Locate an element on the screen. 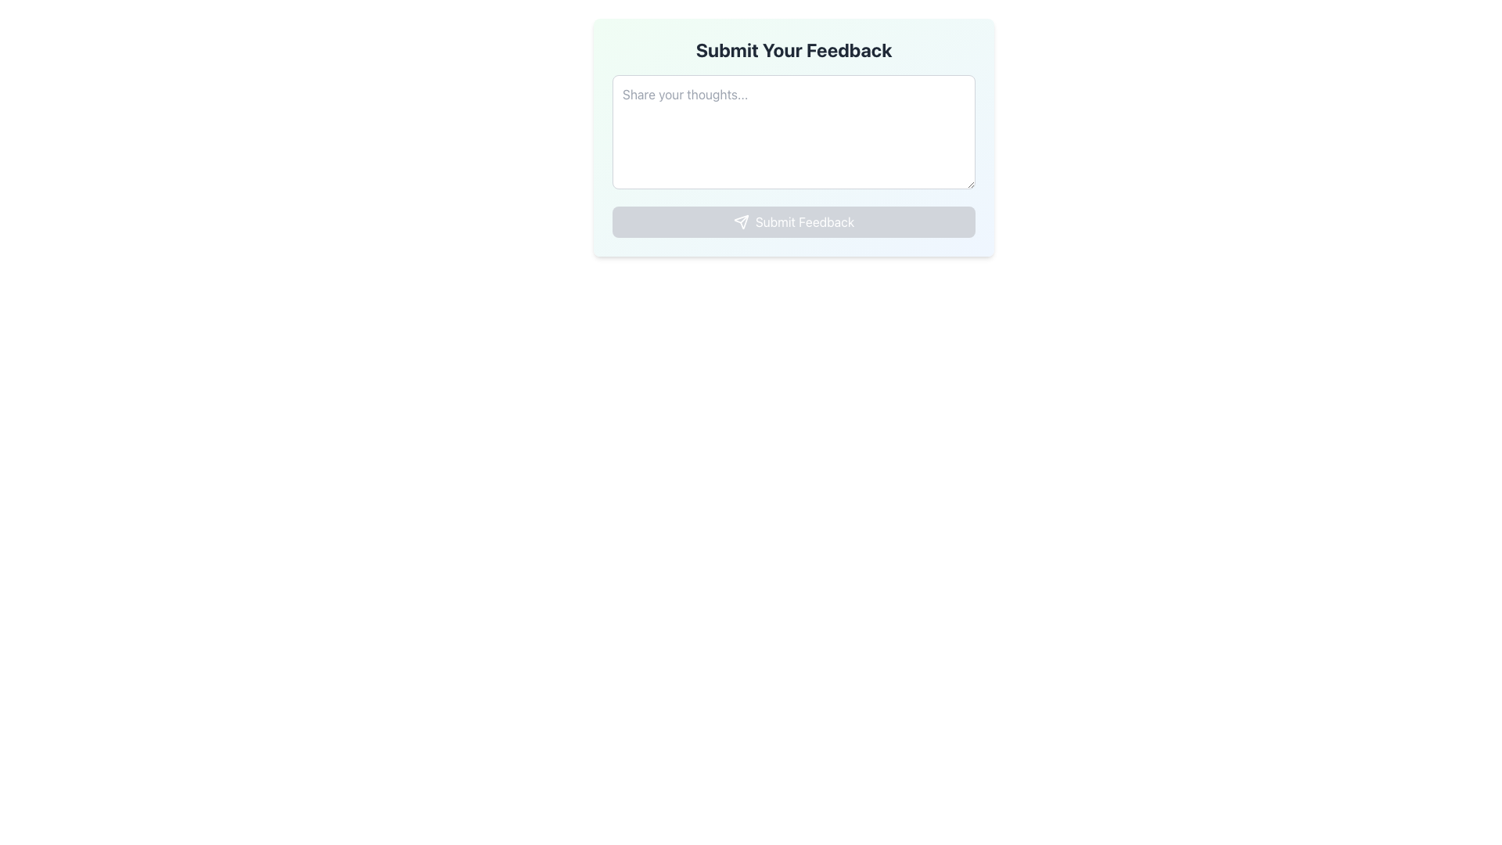  the paper airplane icon located within the 'Submit Feedback' button, which is positioned near the bottom center of the feedback form is located at coordinates (740, 222).